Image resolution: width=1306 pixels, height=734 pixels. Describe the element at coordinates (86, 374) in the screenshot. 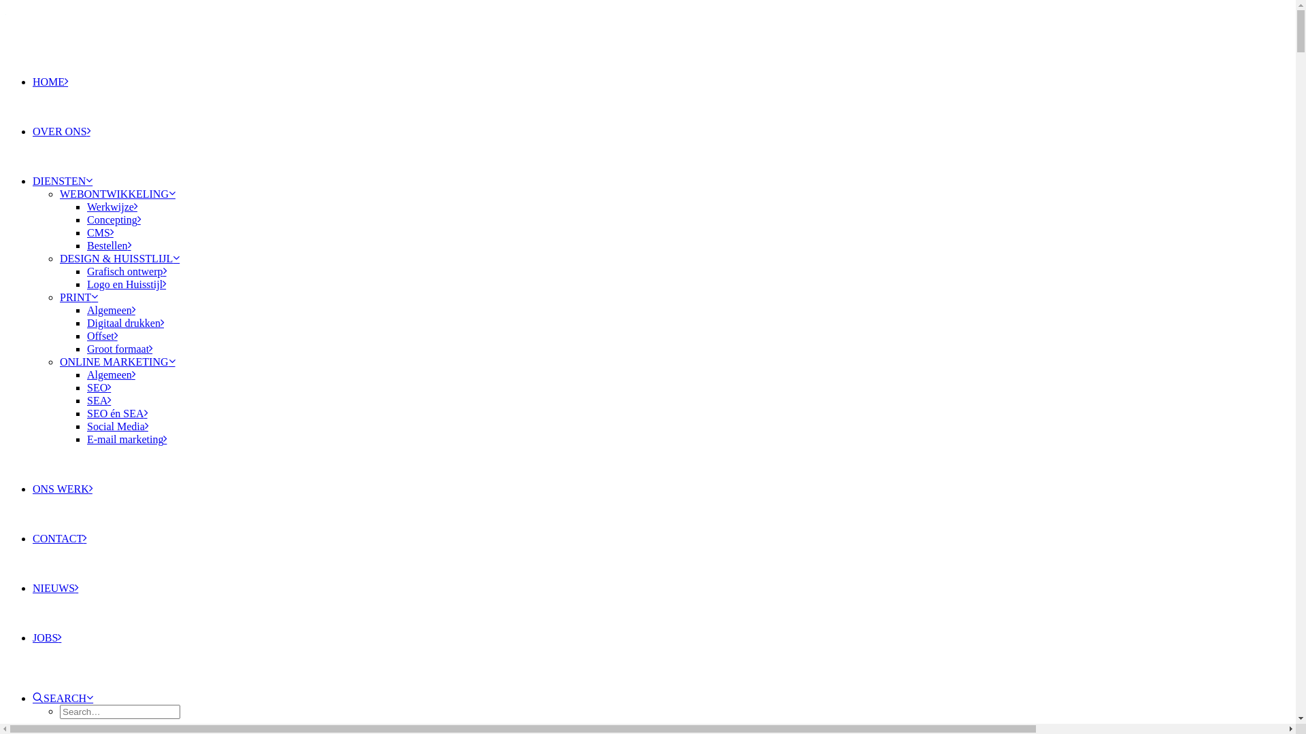

I see `'Algemeen'` at that location.